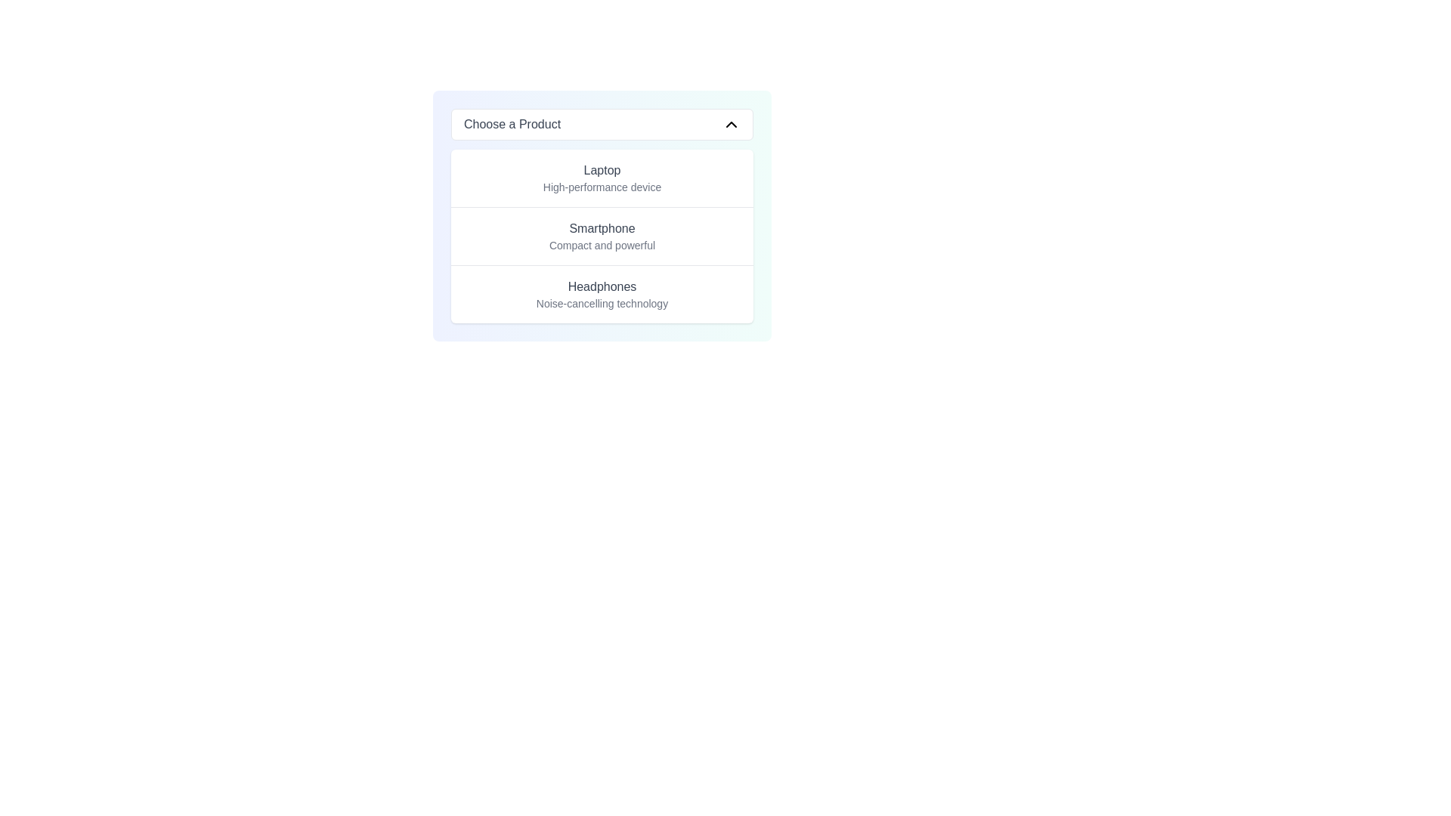 This screenshot has height=816, width=1451. What do you see at coordinates (601, 177) in the screenshot?
I see `the 'Laptop' list item in the dropdown menu beneath the 'Choose a Product' heading` at bounding box center [601, 177].